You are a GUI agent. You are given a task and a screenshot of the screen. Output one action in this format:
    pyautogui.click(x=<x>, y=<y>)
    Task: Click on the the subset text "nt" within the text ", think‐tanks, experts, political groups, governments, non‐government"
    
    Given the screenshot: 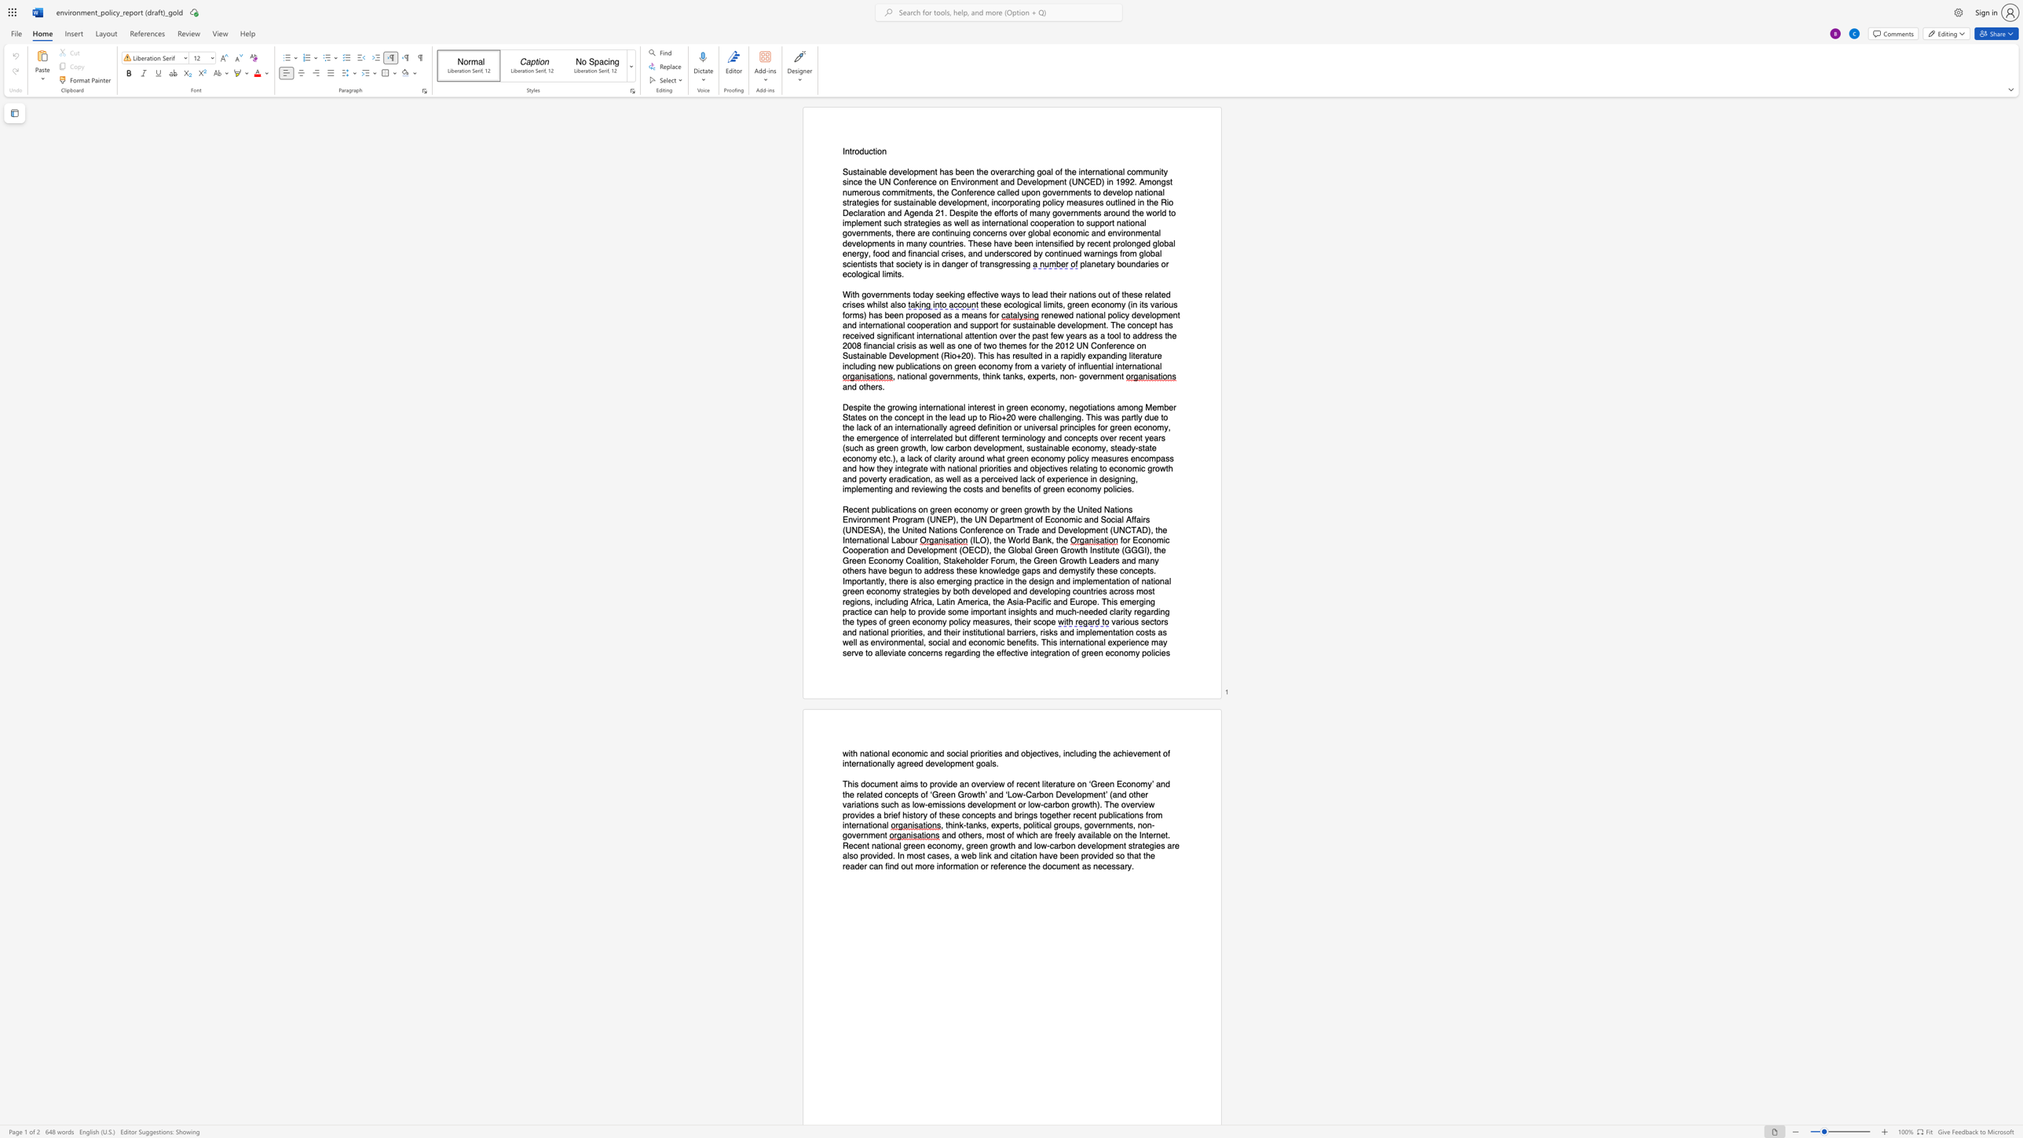 What is the action you would take?
    pyautogui.click(x=880, y=835)
    